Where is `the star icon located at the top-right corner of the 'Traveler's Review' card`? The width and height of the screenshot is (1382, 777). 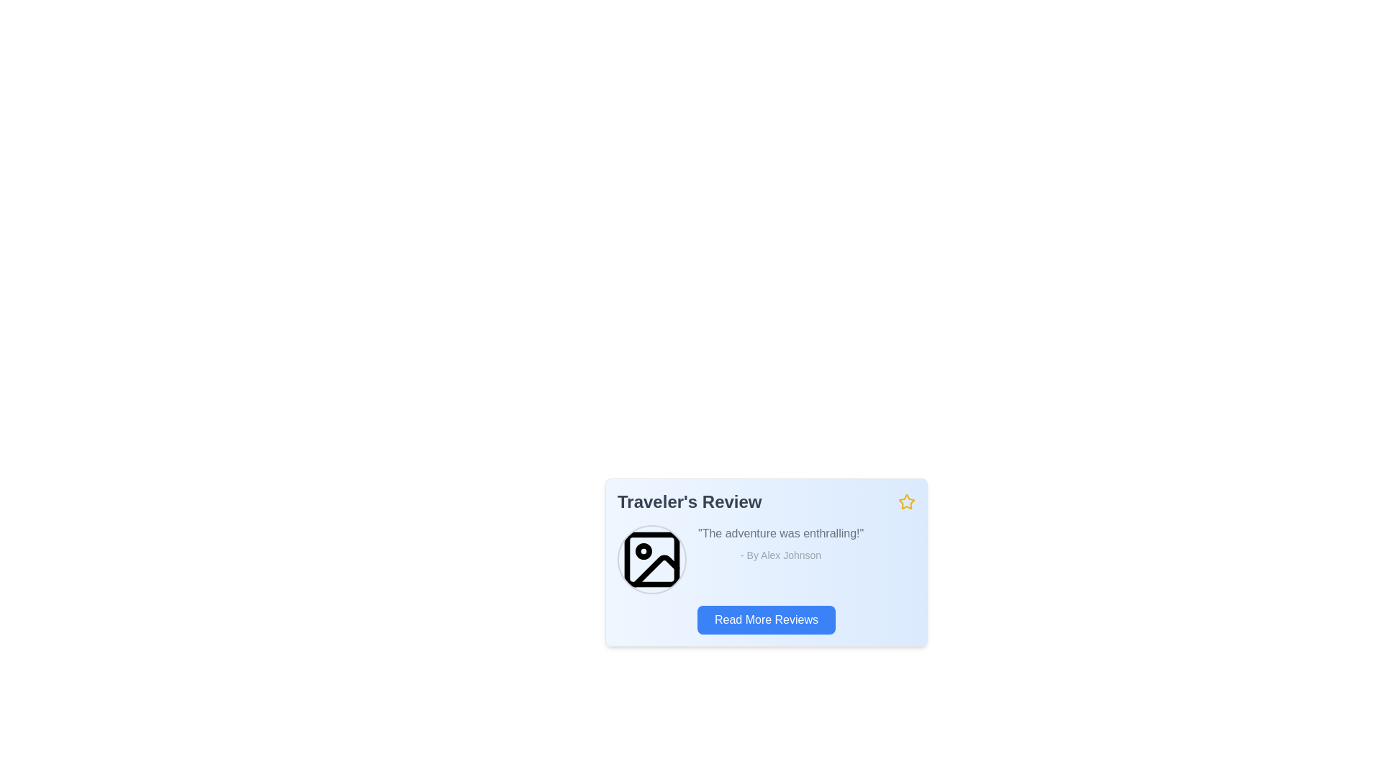 the star icon located at the top-right corner of the 'Traveler's Review' card is located at coordinates (905, 501).